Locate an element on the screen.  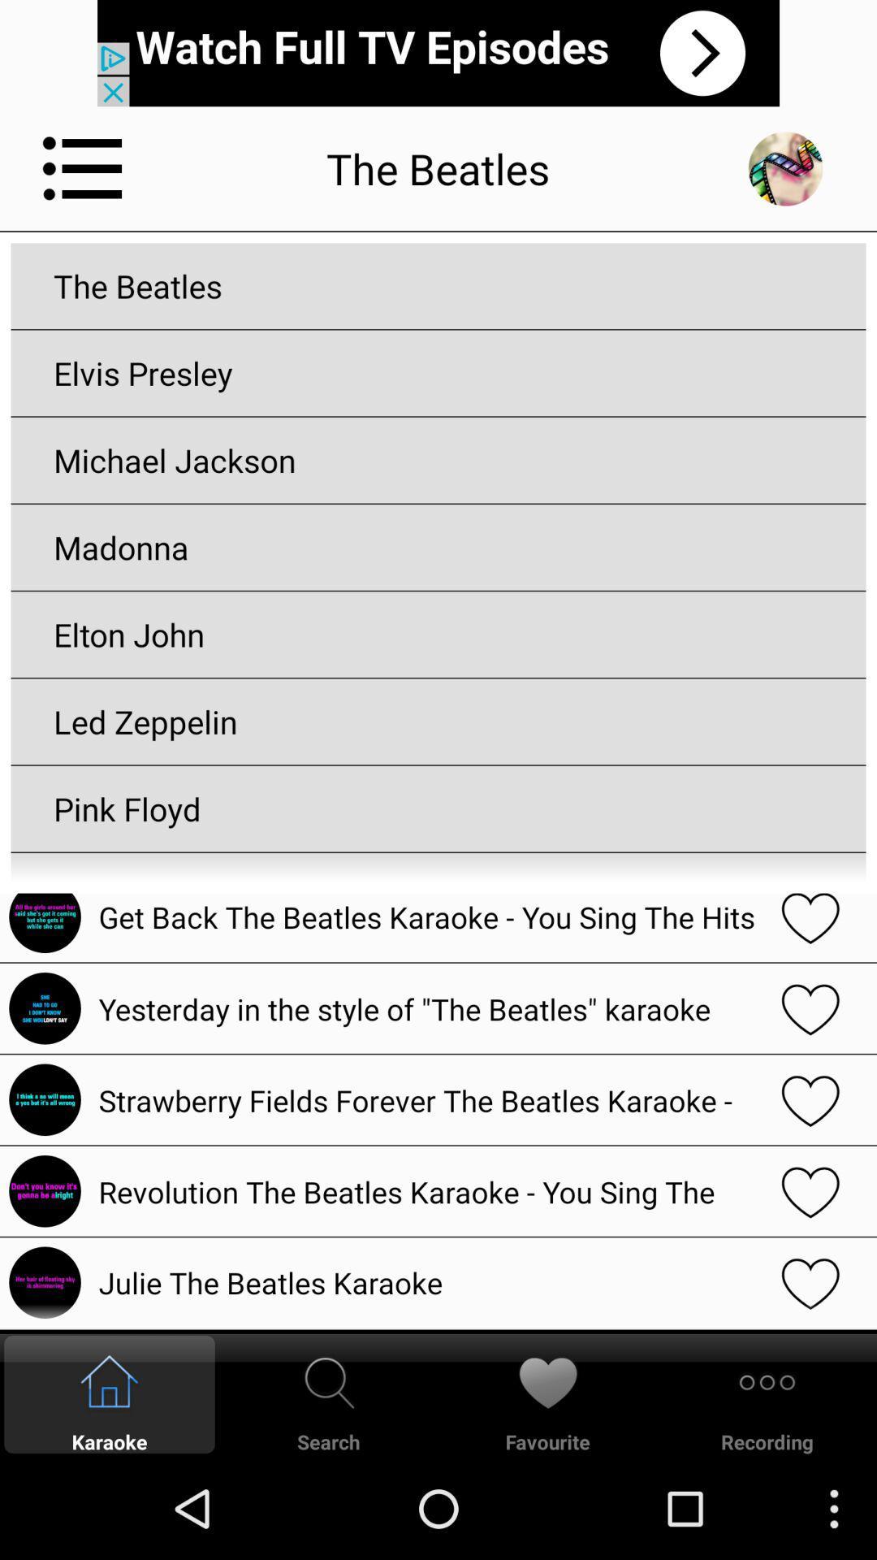
the list icon is located at coordinates (83, 180).